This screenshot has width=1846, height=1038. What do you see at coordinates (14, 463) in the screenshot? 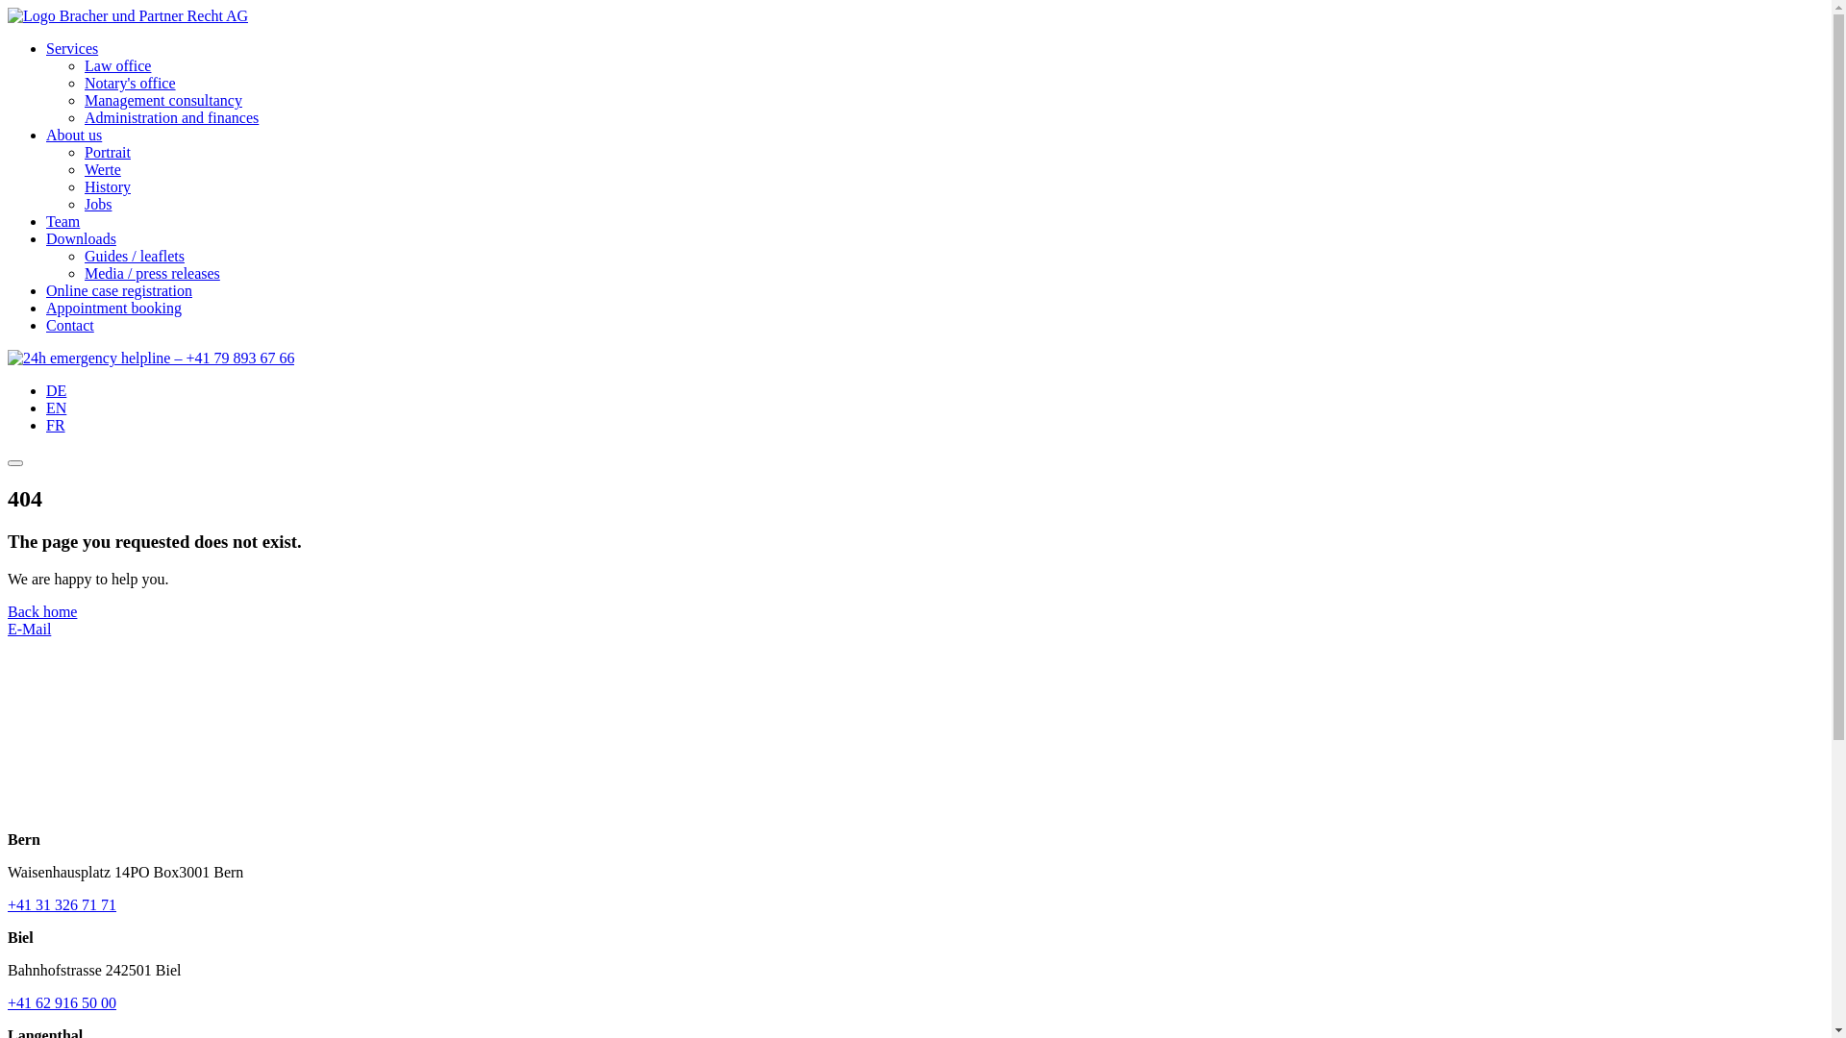
I see `'Menu'` at bounding box center [14, 463].